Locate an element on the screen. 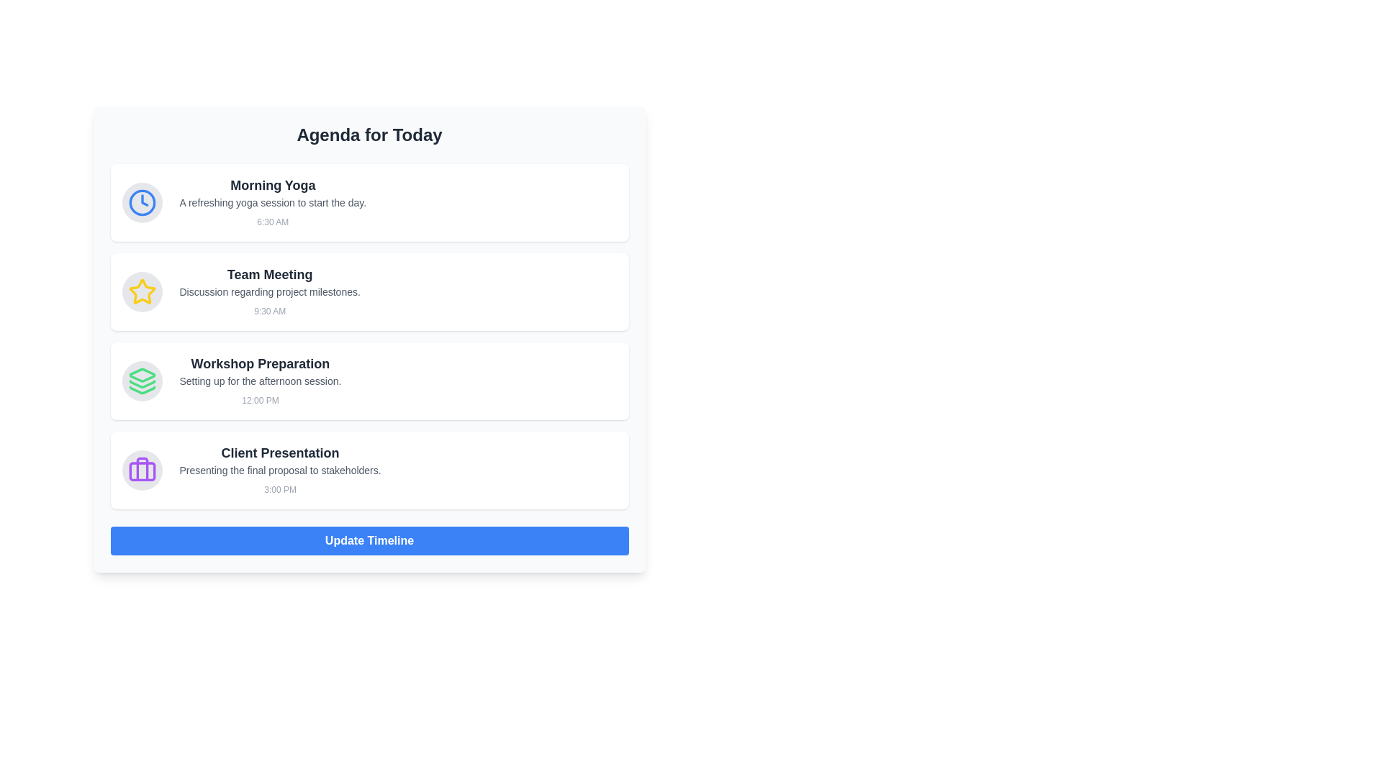 This screenshot has height=777, width=1382. the inner decorative SVG rectangle within the briefcase icon adjacent to the 'Client Presentation' text is located at coordinates (142, 471).